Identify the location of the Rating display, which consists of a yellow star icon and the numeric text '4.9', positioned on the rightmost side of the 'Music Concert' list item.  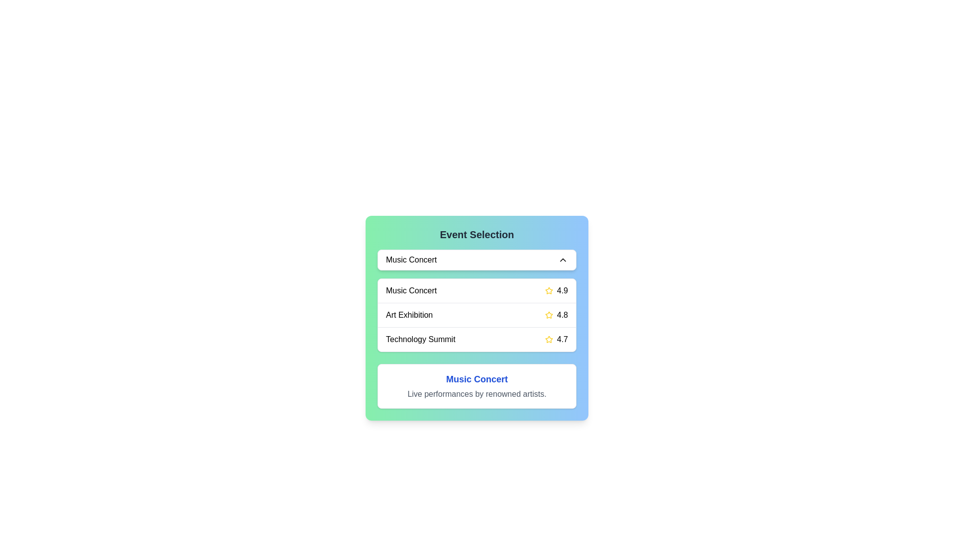
(556, 291).